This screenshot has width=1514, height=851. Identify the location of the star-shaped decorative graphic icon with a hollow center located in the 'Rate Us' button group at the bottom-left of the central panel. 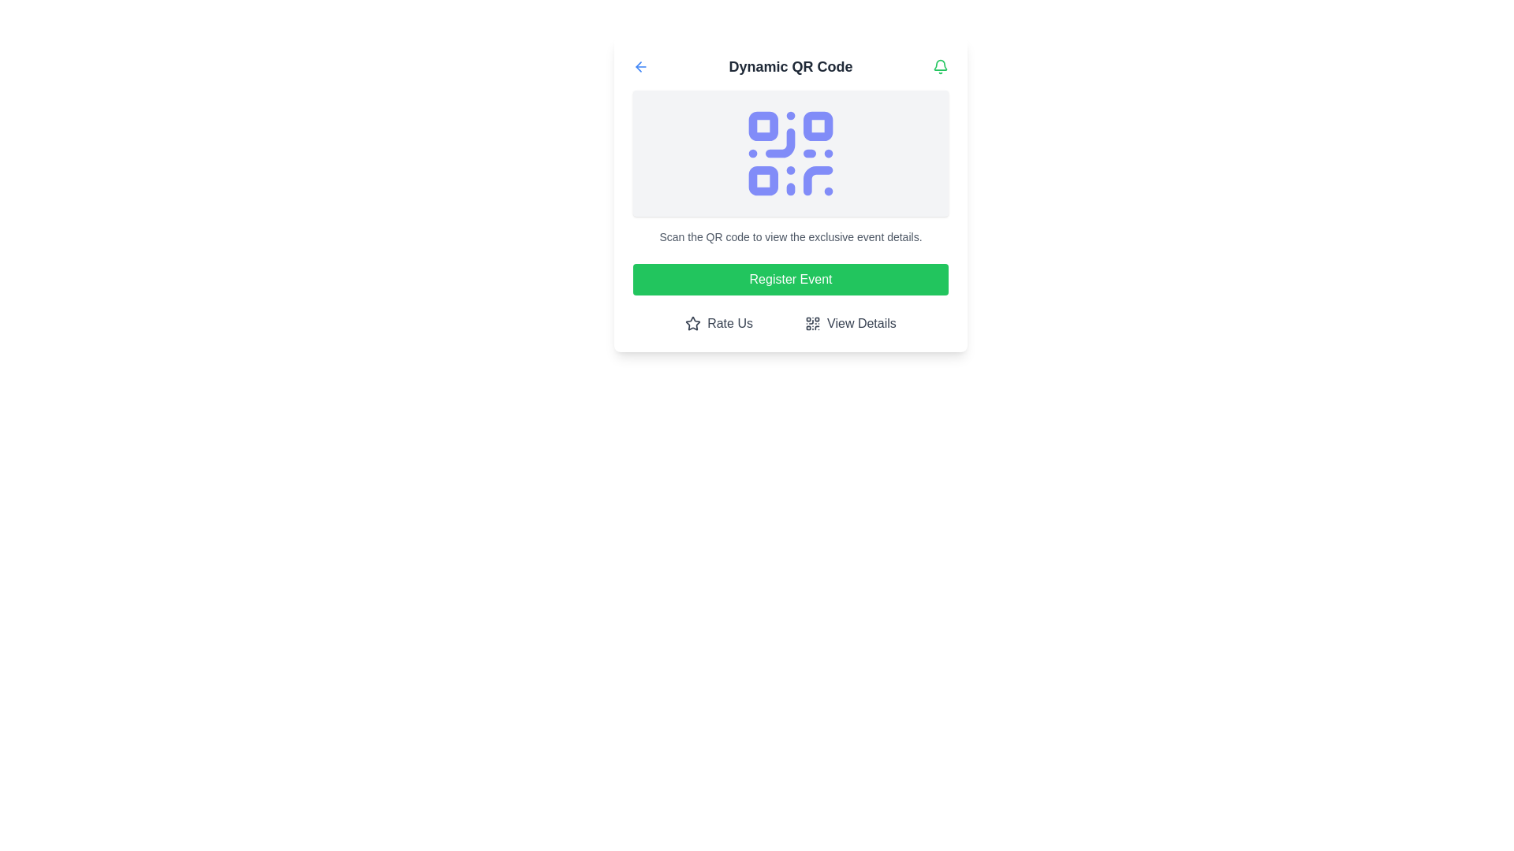
(693, 323).